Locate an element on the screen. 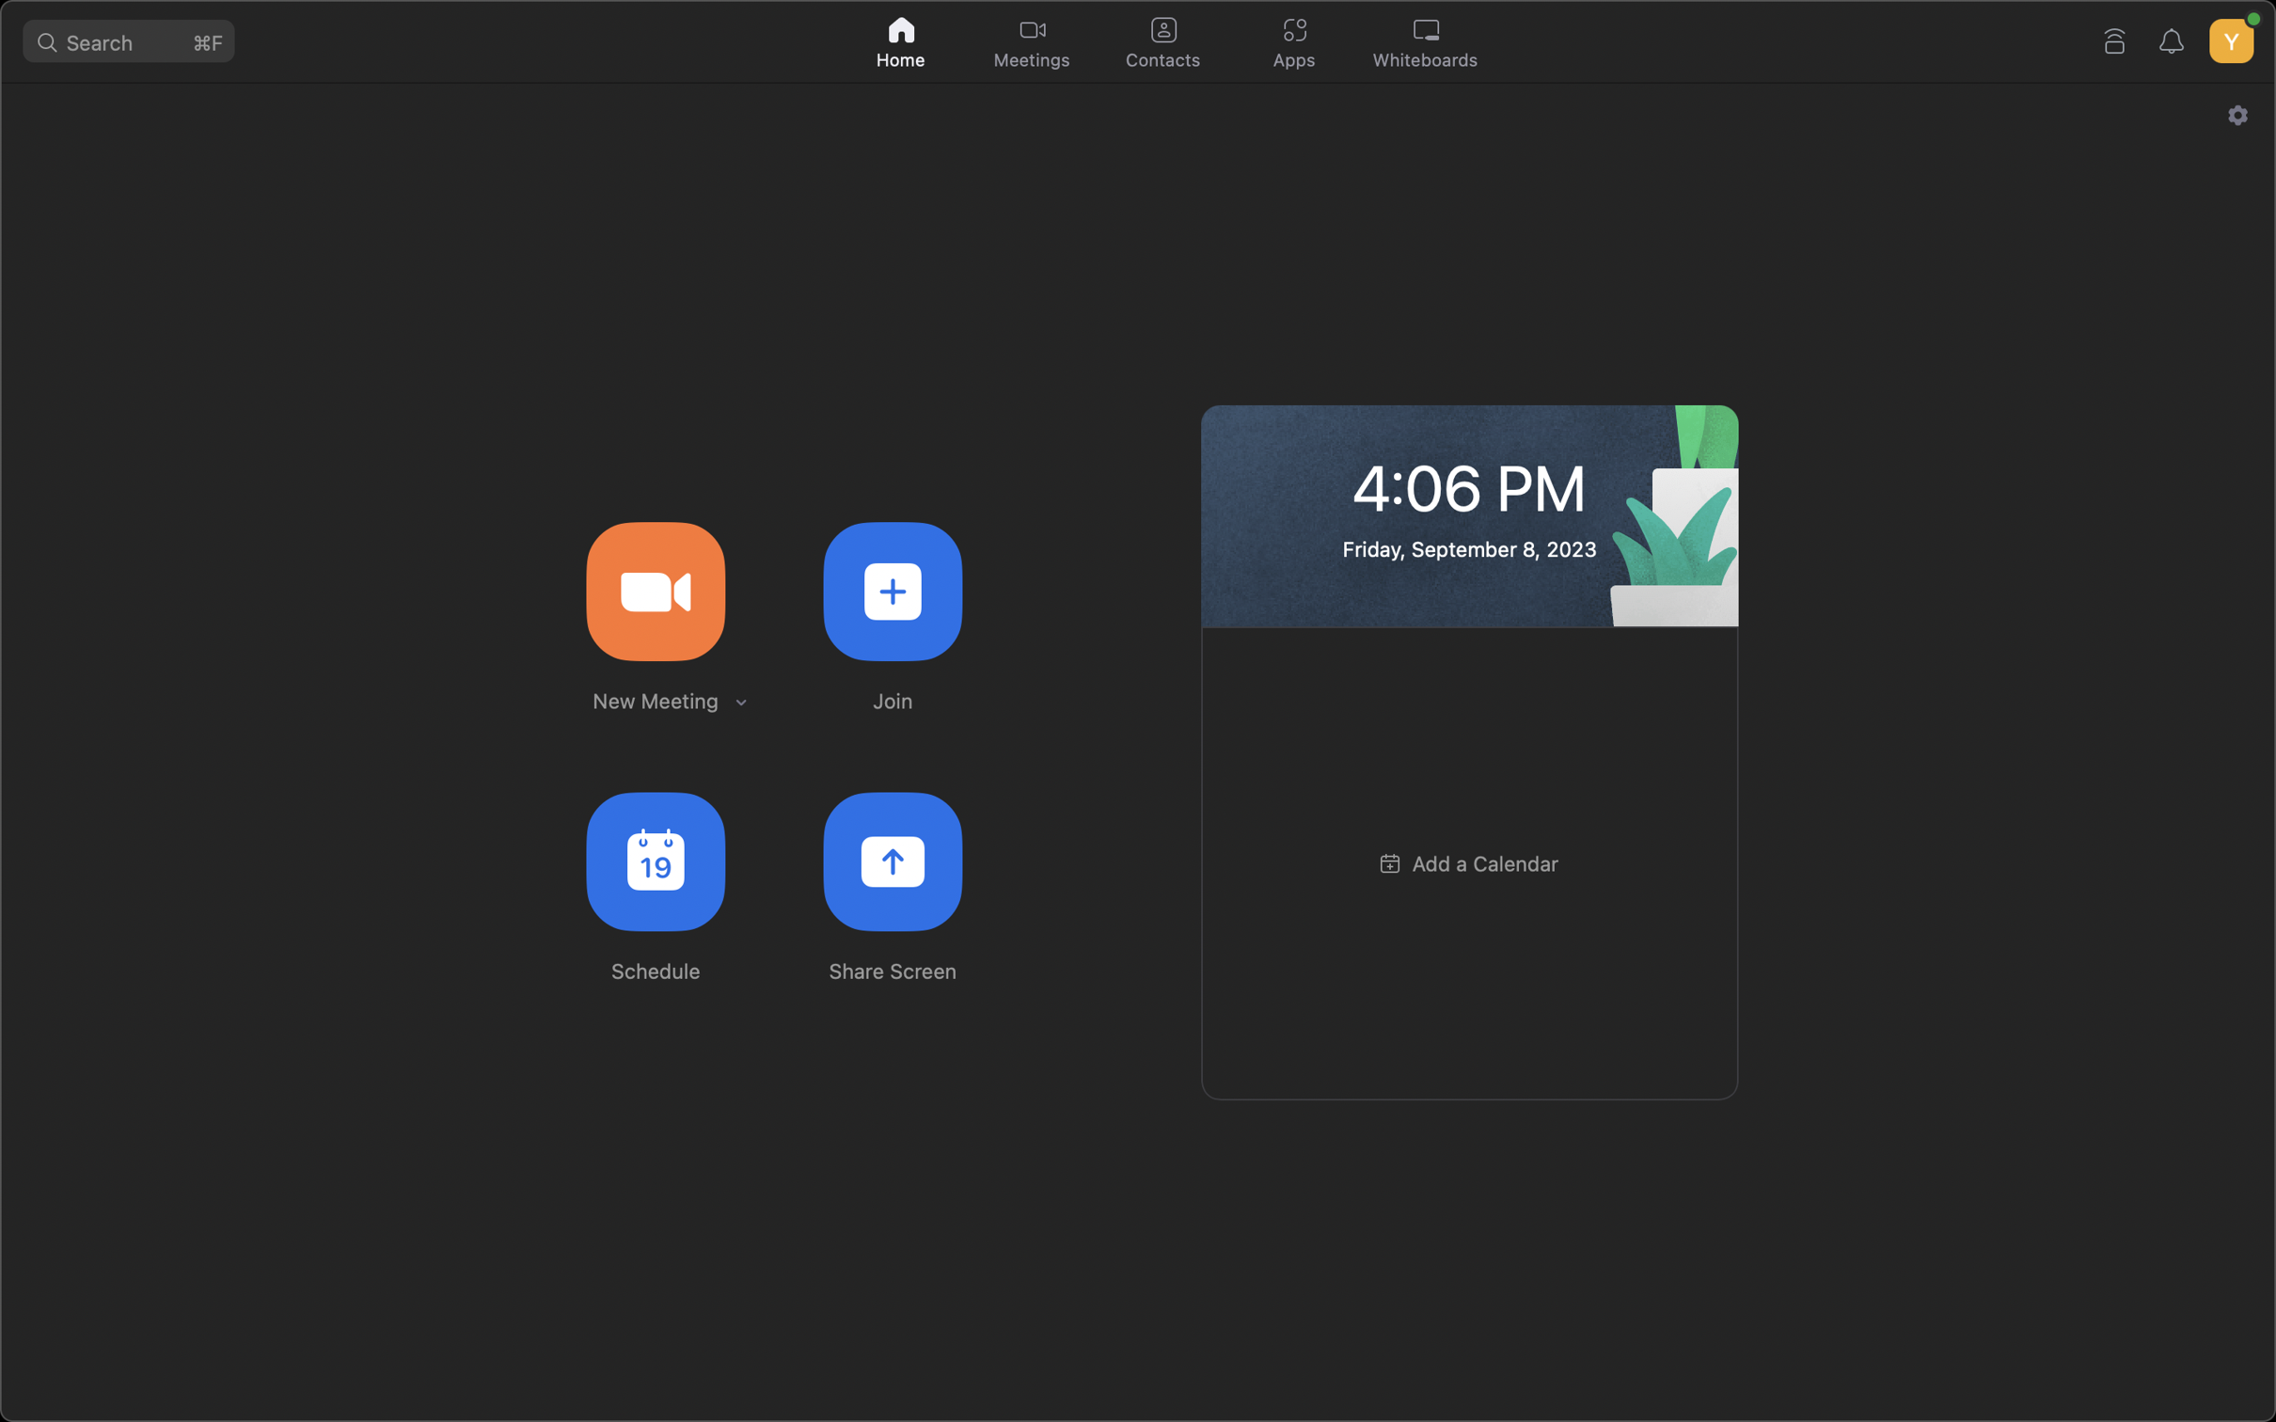 This screenshot has height=1422, width=2276. the plus icon to join an existing meeting is located at coordinates (892, 589).